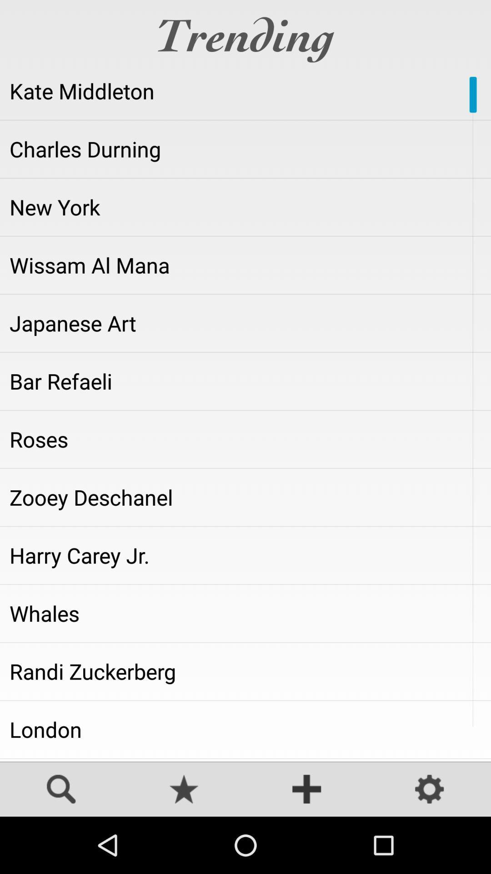  What do you see at coordinates (61, 790) in the screenshot?
I see `search` at bounding box center [61, 790].